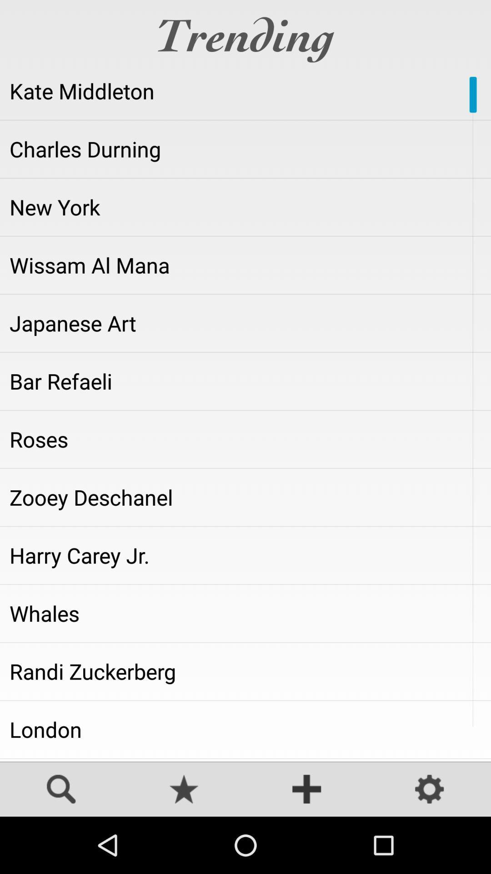  What do you see at coordinates (61, 790) in the screenshot?
I see `search` at bounding box center [61, 790].